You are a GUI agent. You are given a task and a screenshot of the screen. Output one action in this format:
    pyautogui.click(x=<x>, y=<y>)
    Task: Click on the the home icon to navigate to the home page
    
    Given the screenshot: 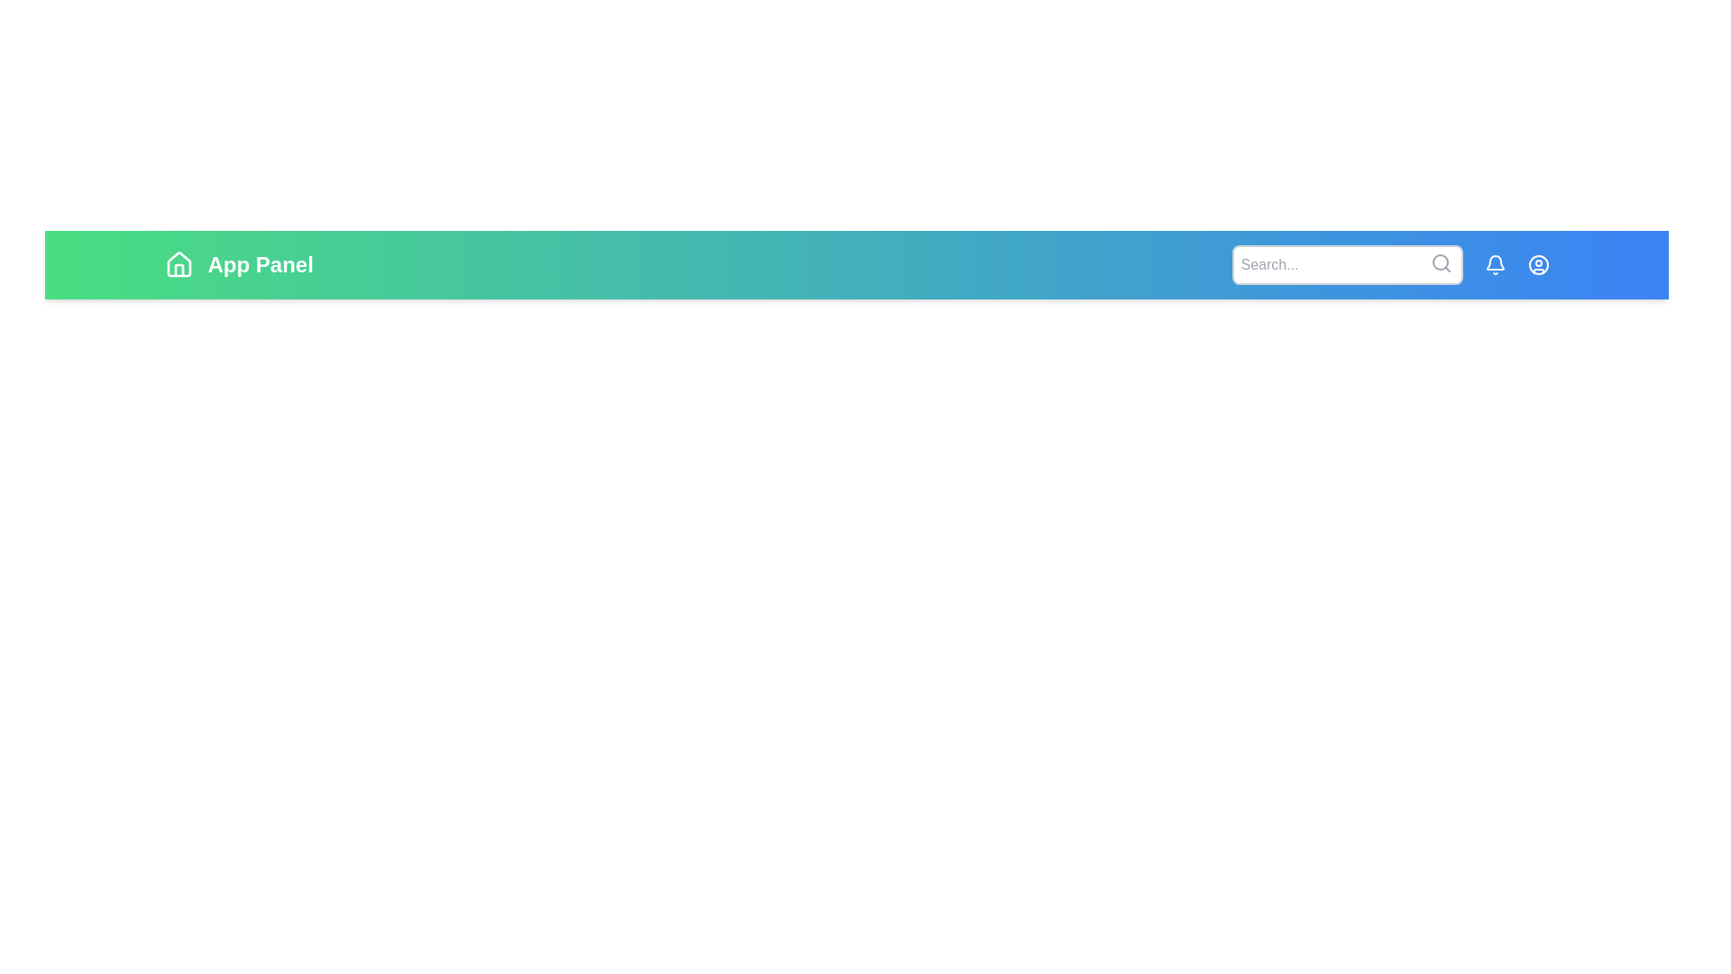 What is the action you would take?
    pyautogui.click(x=179, y=264)
    